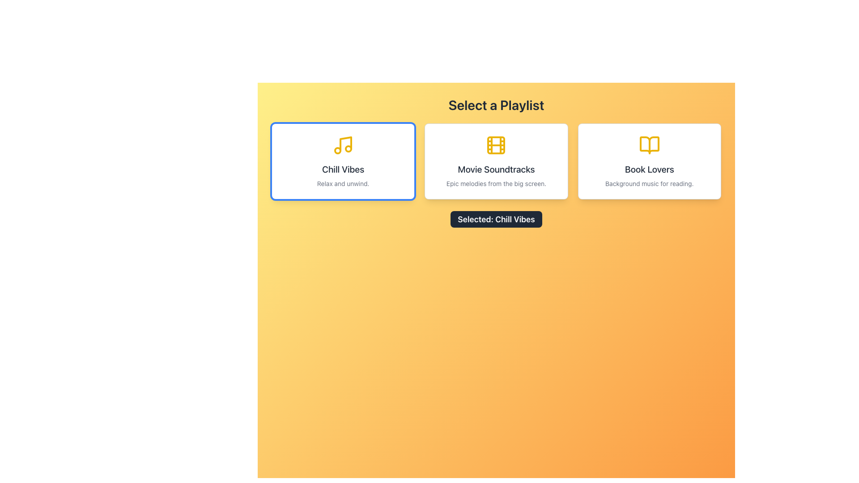  What do you see at coordinates (649, 183) in the screenshot?
I see `text 'Background music for reading.' which is small-sized, gray-colored, and centered beneath the 'Book Lovers' title within the 'Book Lovers' card` at bounding box center [649, 183].